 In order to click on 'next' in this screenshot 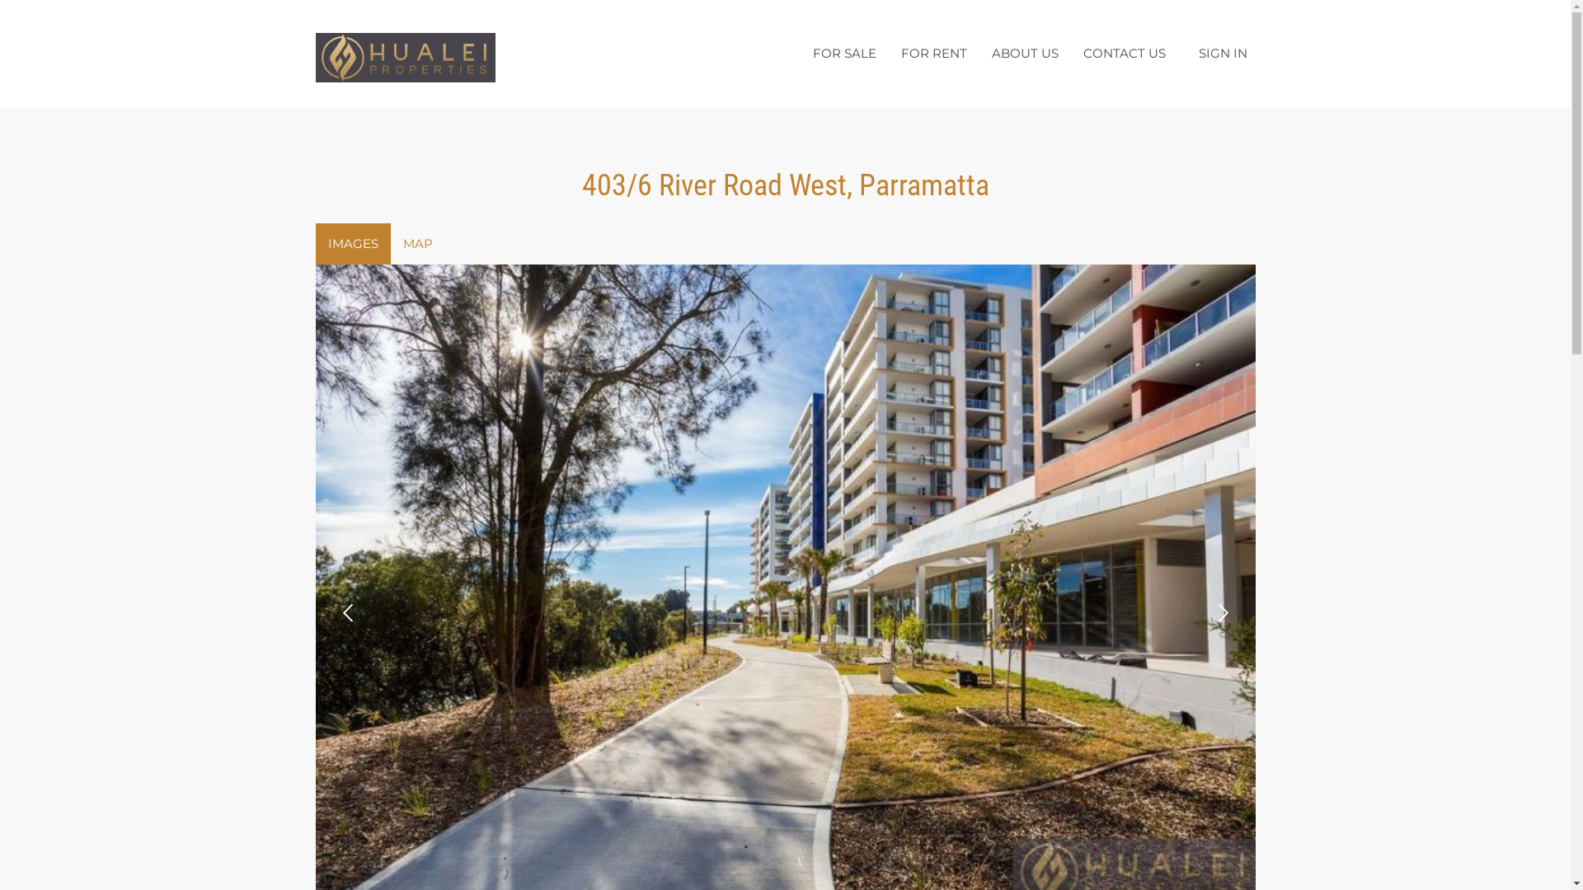, I will do `click(1203, 613)`.